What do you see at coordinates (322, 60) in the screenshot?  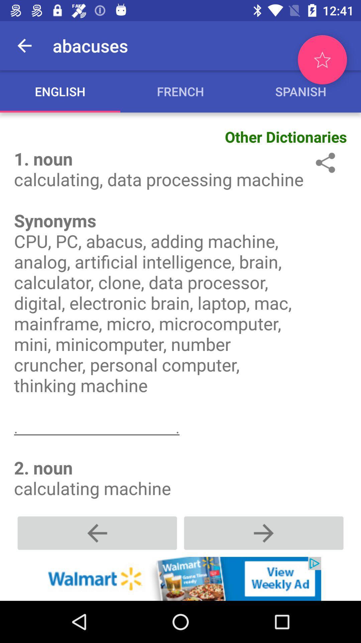 I see `favorites option` at bounding box center [322, 60].